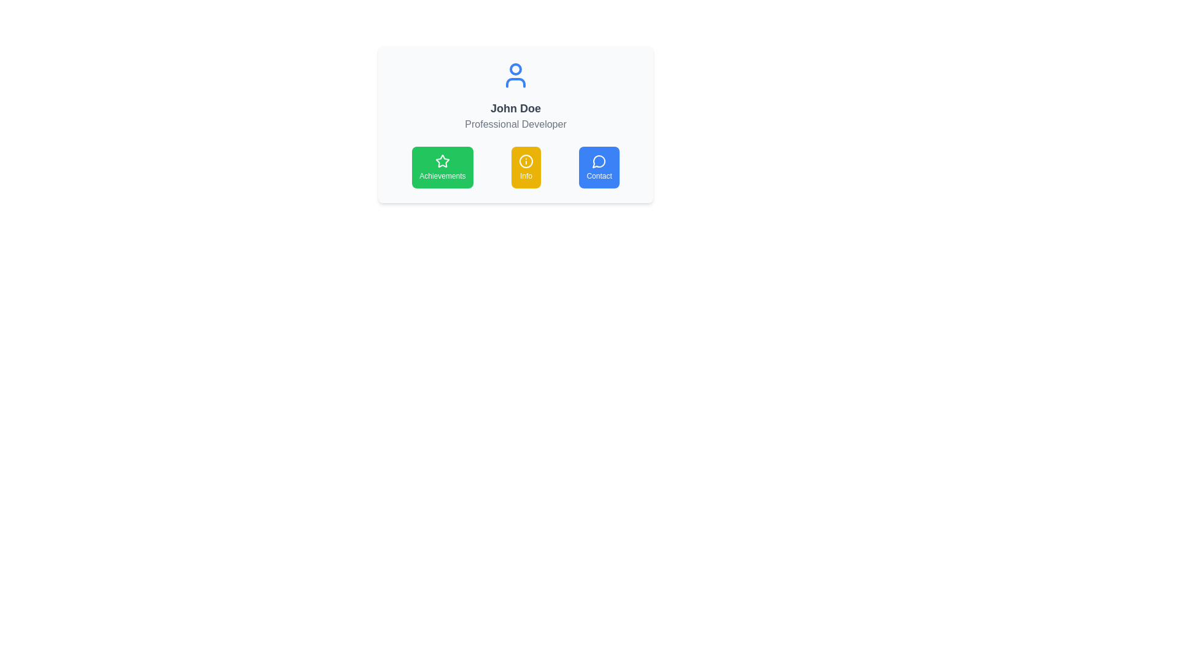 The width and height of the screenshot is (1179, 663). What do you see at coordinates (599, 161) in the screenshot?
I see `the contact option icon located inside the third button below the profile details of 'John Doe, Professional Developer'` at bounding box center [599, 161].